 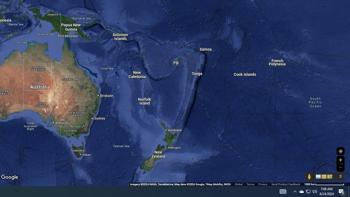 I want to click on '1000 km', so click(x=324, y=184).